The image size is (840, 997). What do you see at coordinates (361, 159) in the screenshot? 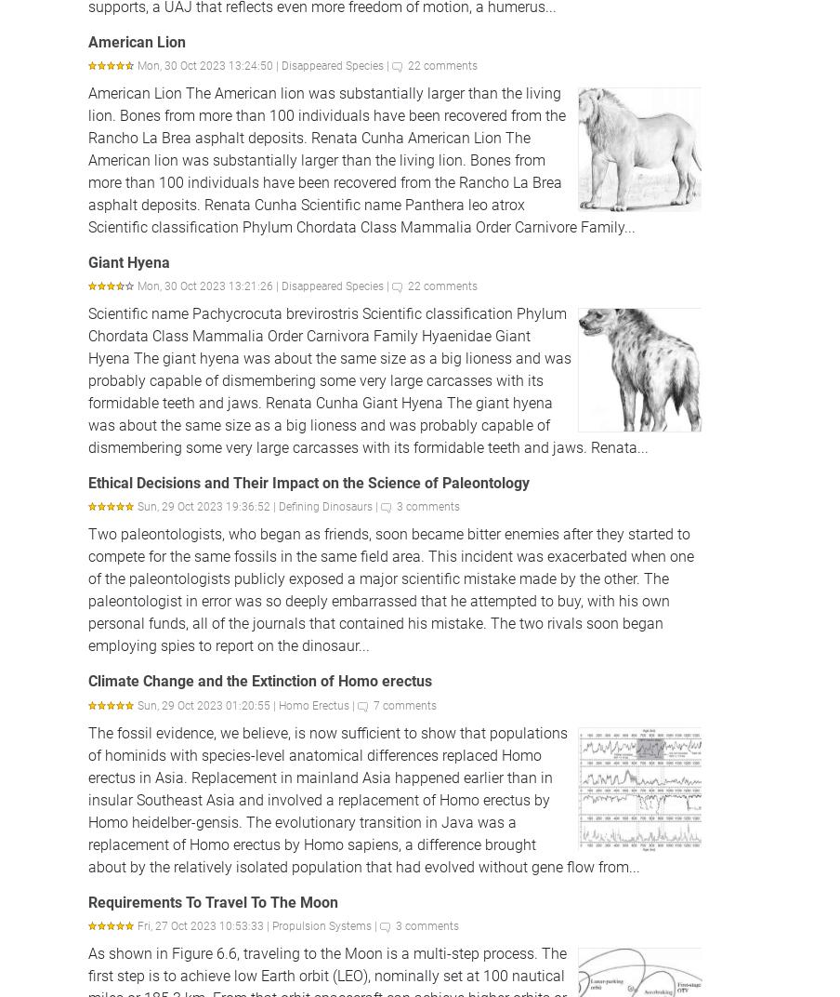
I see `'American Lion The American lion was substantially larger than the living lion. Bones from more than 100 individuals have been recovered from the Rancho La Brea asphalt deposits. Renata Cunha American Lion The American lion was substantially larger than the living lion. Bones from more than 100 individuals have been recovered from the Rancho La Brea asphalt deposits. Renata Cunha Scientific name Panthera leo atrox Scientific classification Phylum Chordata Class Mammalia Order Carnivore Family...'` at bounding box center [361, 159].